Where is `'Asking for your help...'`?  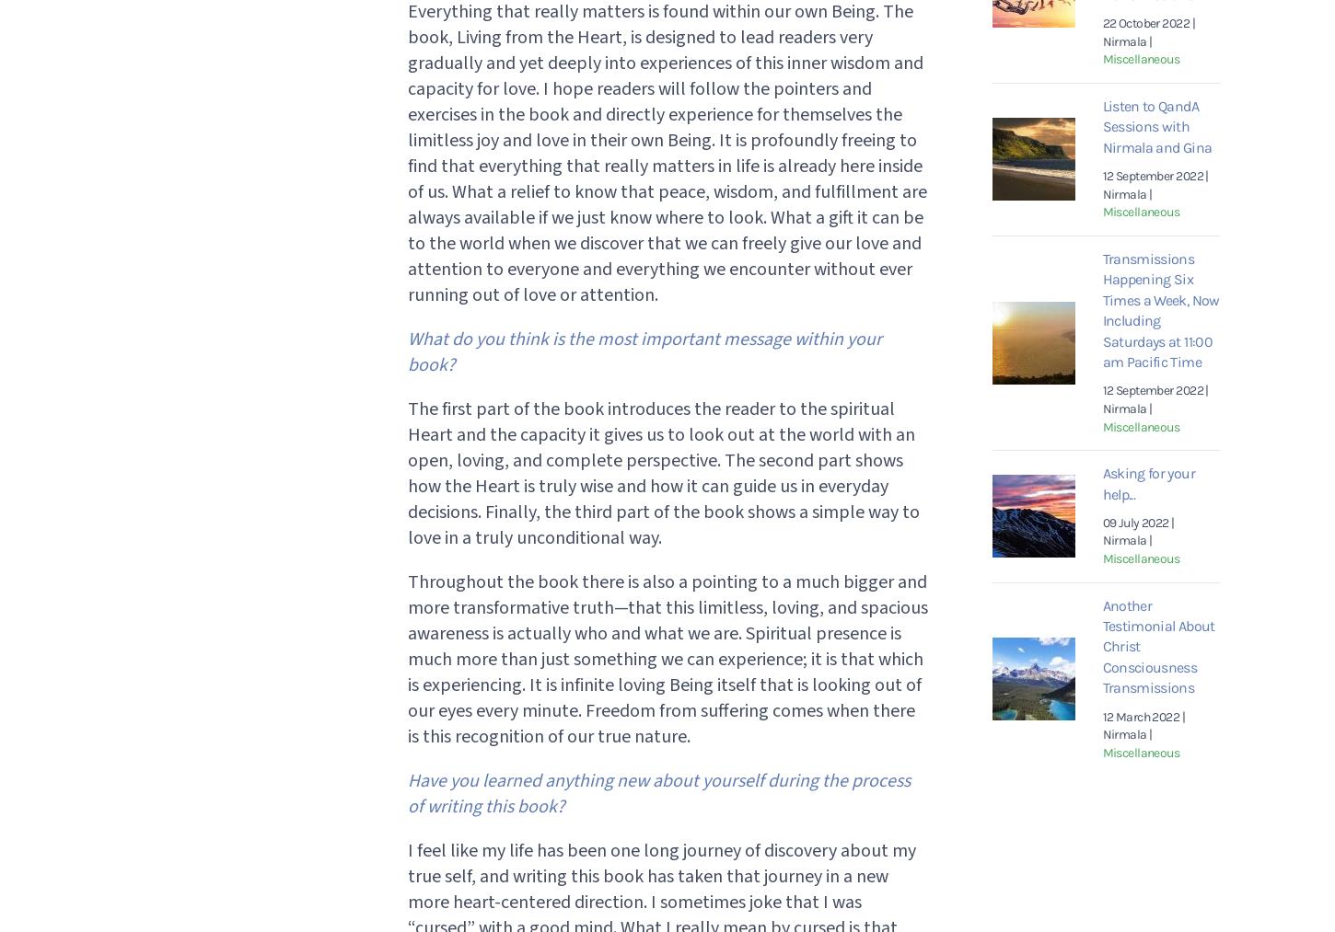
'Asking for your help...' is located at coordinates (1148, 483).